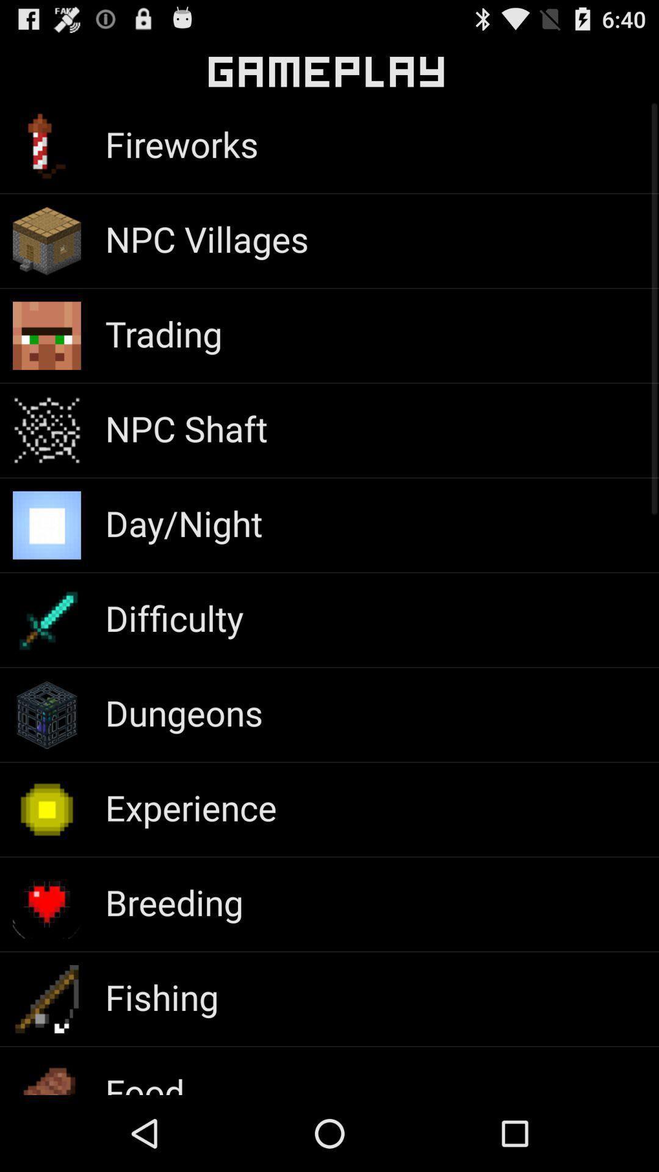 The height and width of the screenshot is (1172, 659). What do you see at coordinates (182, 143) in the screenshot?
I see `the app below gameplay icon` at bounding box center [182, 143].